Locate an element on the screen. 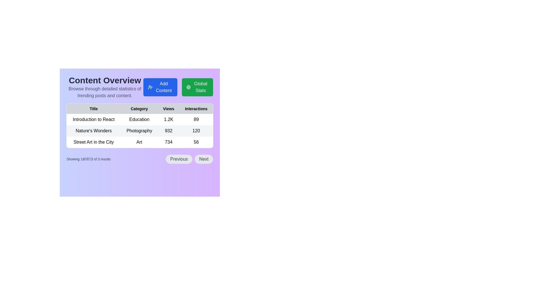 This screenshot has height=306, width=544. the 'Add Content' button, which is styled in blue with a white icon and text, located in the upper middle part of the display under the 'Content Overview' heading is located at coordinates (178, 87).